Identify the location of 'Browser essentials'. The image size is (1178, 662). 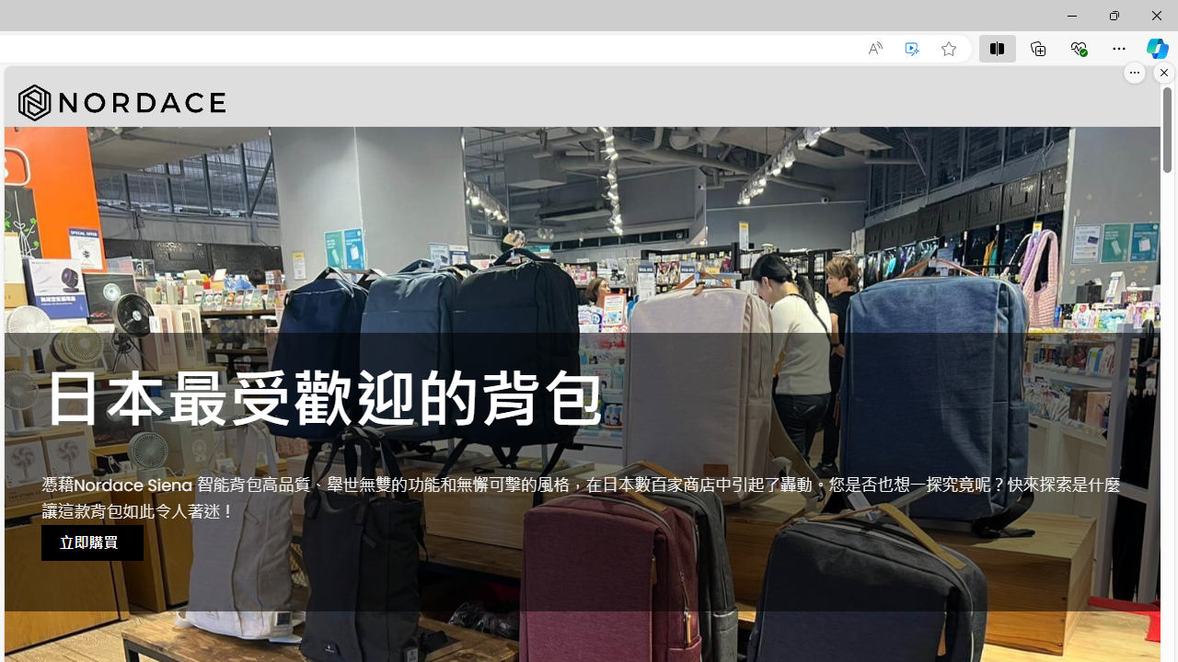
(1078, 47).